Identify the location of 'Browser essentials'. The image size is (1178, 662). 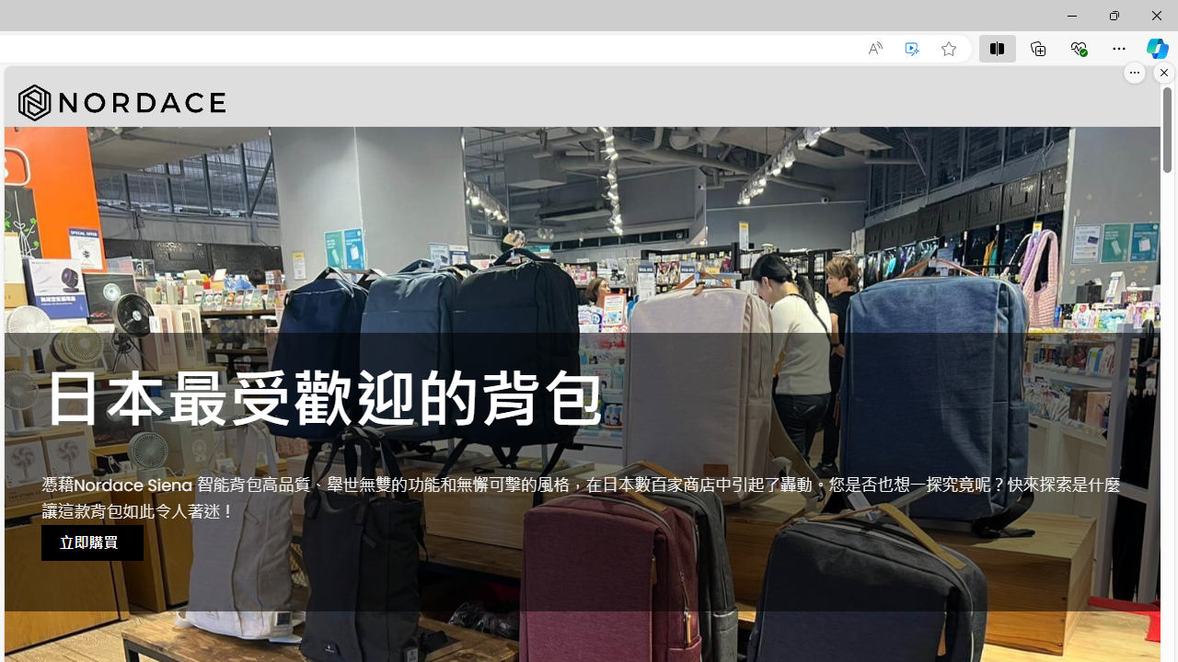
(1078, 47).